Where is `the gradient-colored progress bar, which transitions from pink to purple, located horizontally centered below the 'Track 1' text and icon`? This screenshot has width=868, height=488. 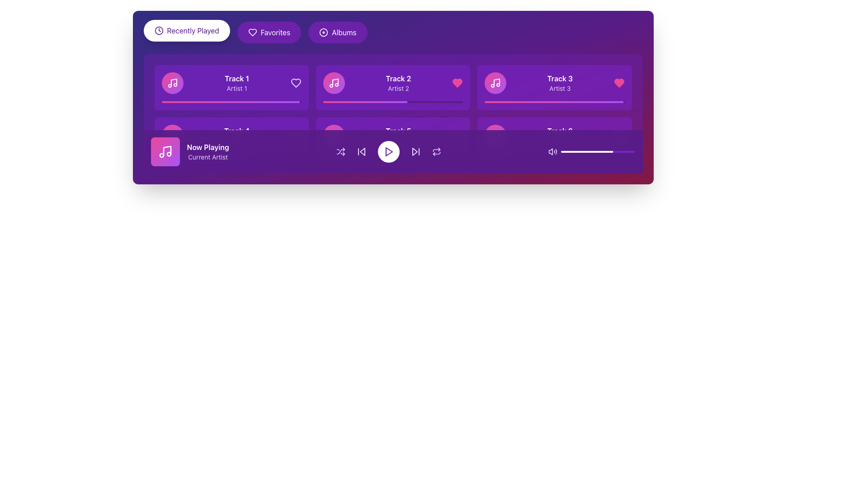
the gradient-colored progress bar, which transitions from pink to purple, located horizontally centered below the 'Track 1' text and icon is located at coordinates (230, 102).